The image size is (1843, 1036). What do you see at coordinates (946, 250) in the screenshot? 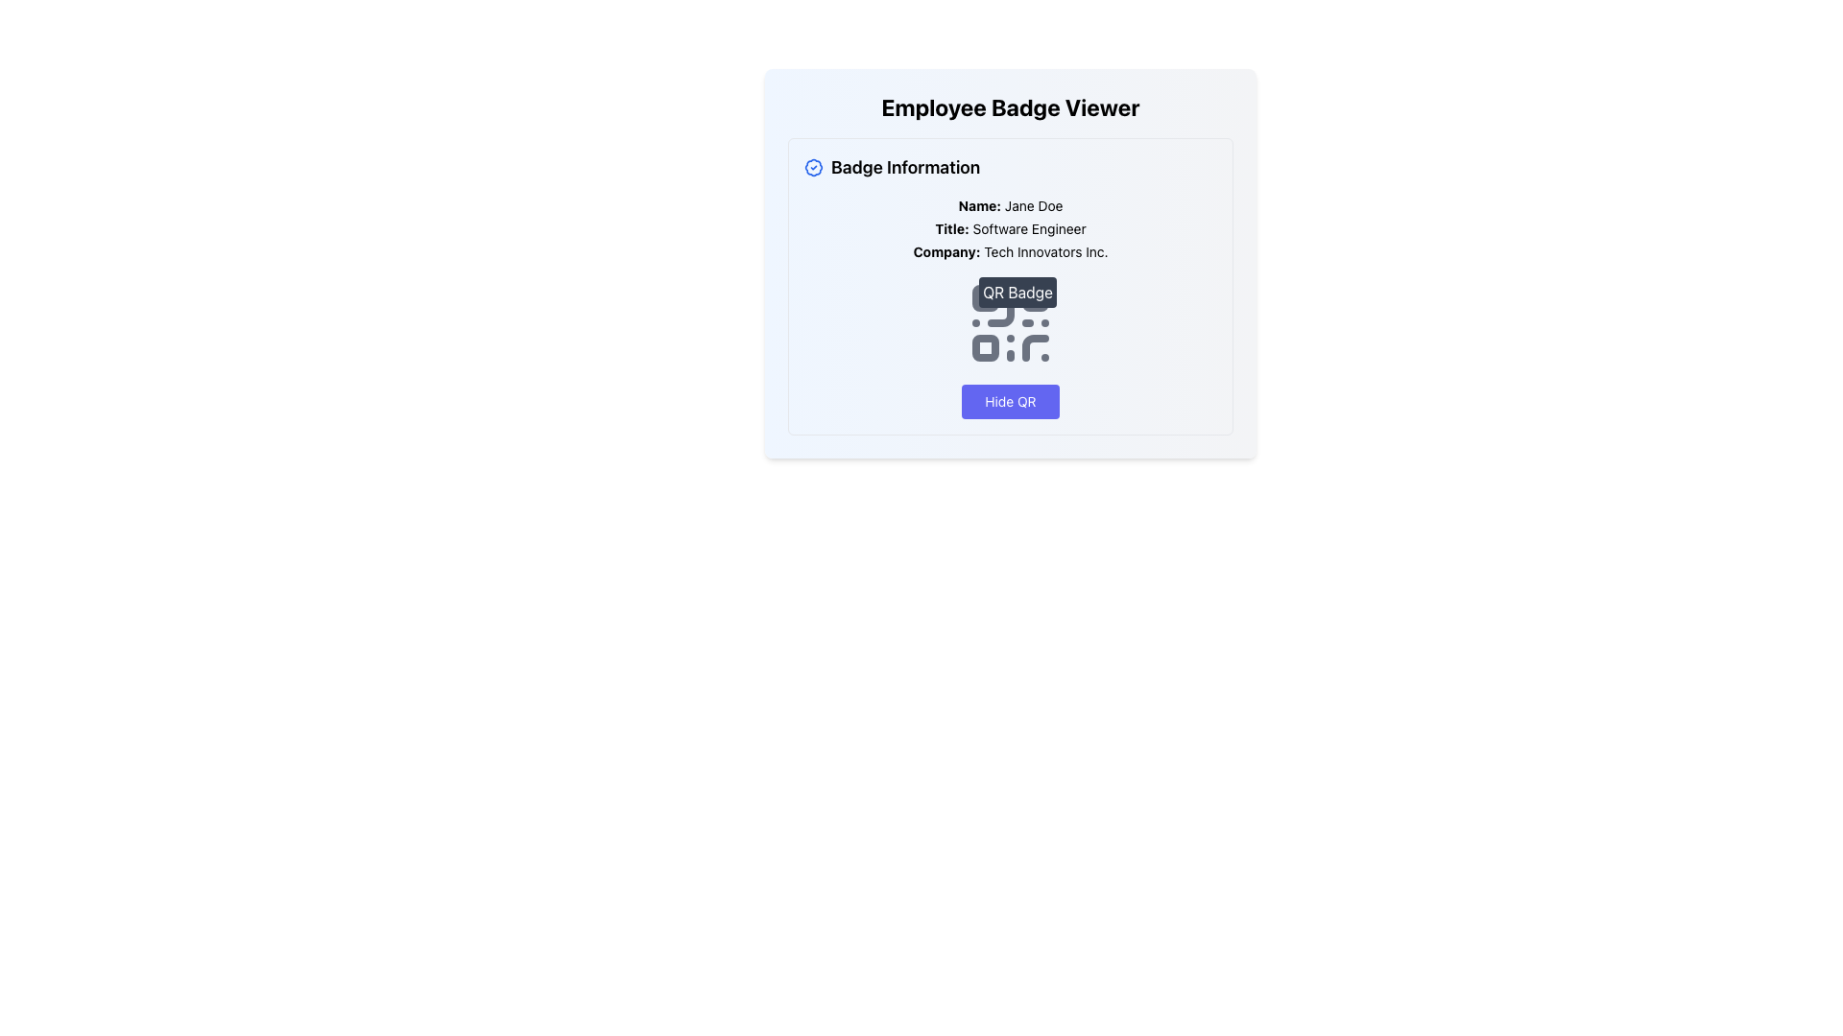
I see `the static text label that identifies the company name in the 'Badge Information' section, positioned below the 'Title: Software Engineer' text` at bounding box center [946, 250].